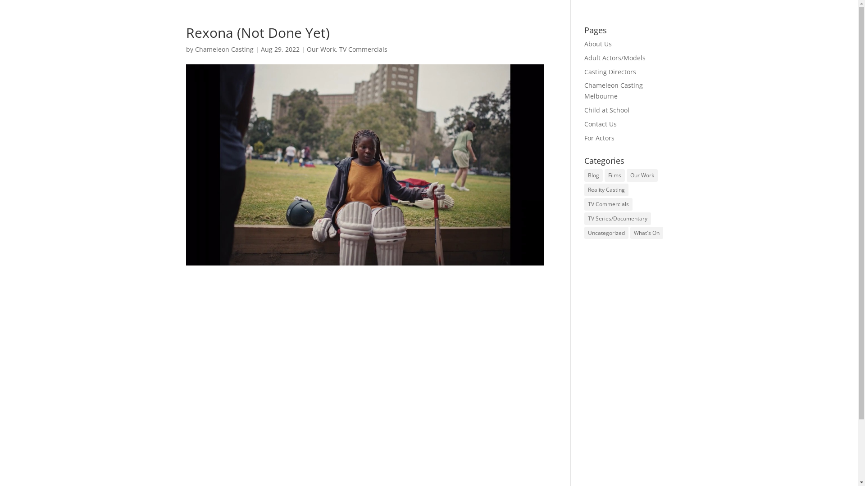  Describe the element at coordinates (608, 204) in the screenshot. I see `'TV Commercials'` at that location.